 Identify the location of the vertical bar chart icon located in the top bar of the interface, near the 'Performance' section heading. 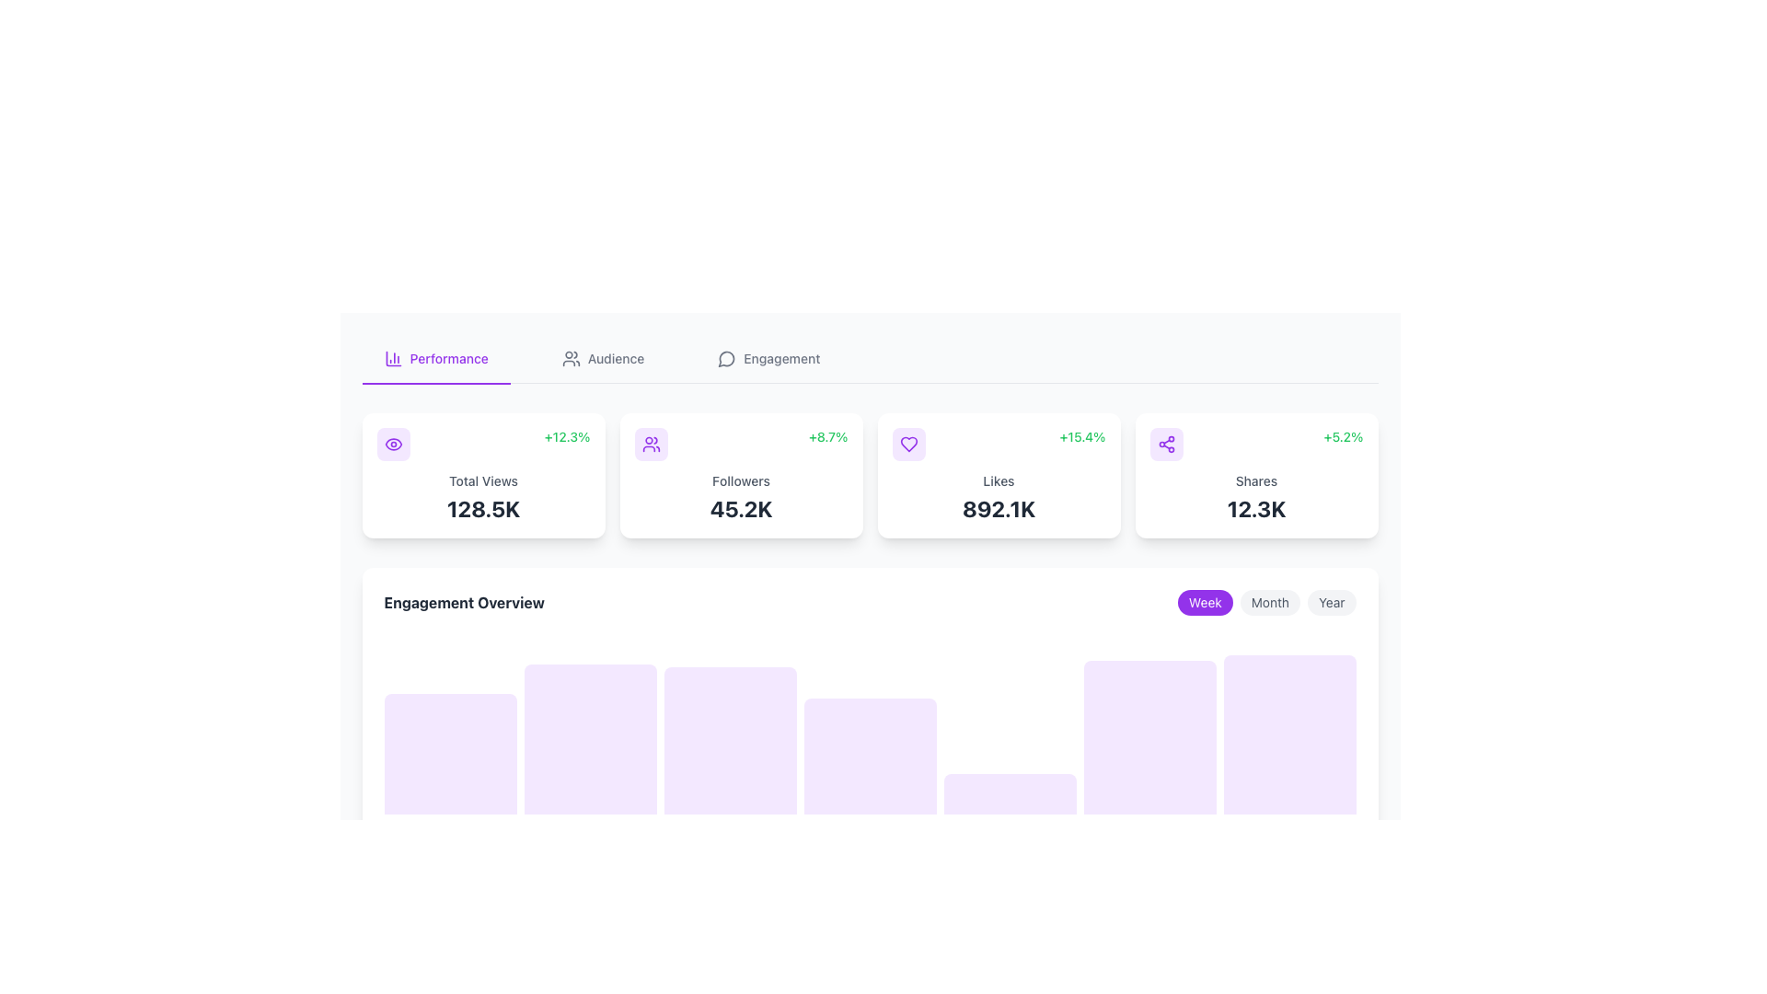
(392, 358).